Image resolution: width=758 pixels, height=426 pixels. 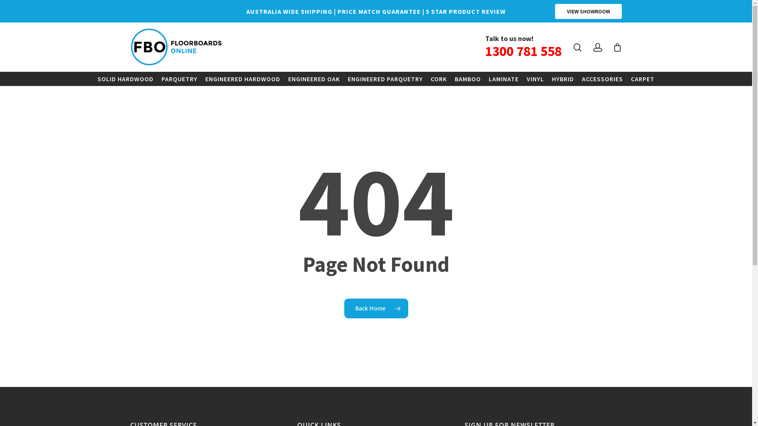 What do you see at coordinates (642, 79) in the screenshot?
I see `'CARPET'` at bounding box center [642, 79].